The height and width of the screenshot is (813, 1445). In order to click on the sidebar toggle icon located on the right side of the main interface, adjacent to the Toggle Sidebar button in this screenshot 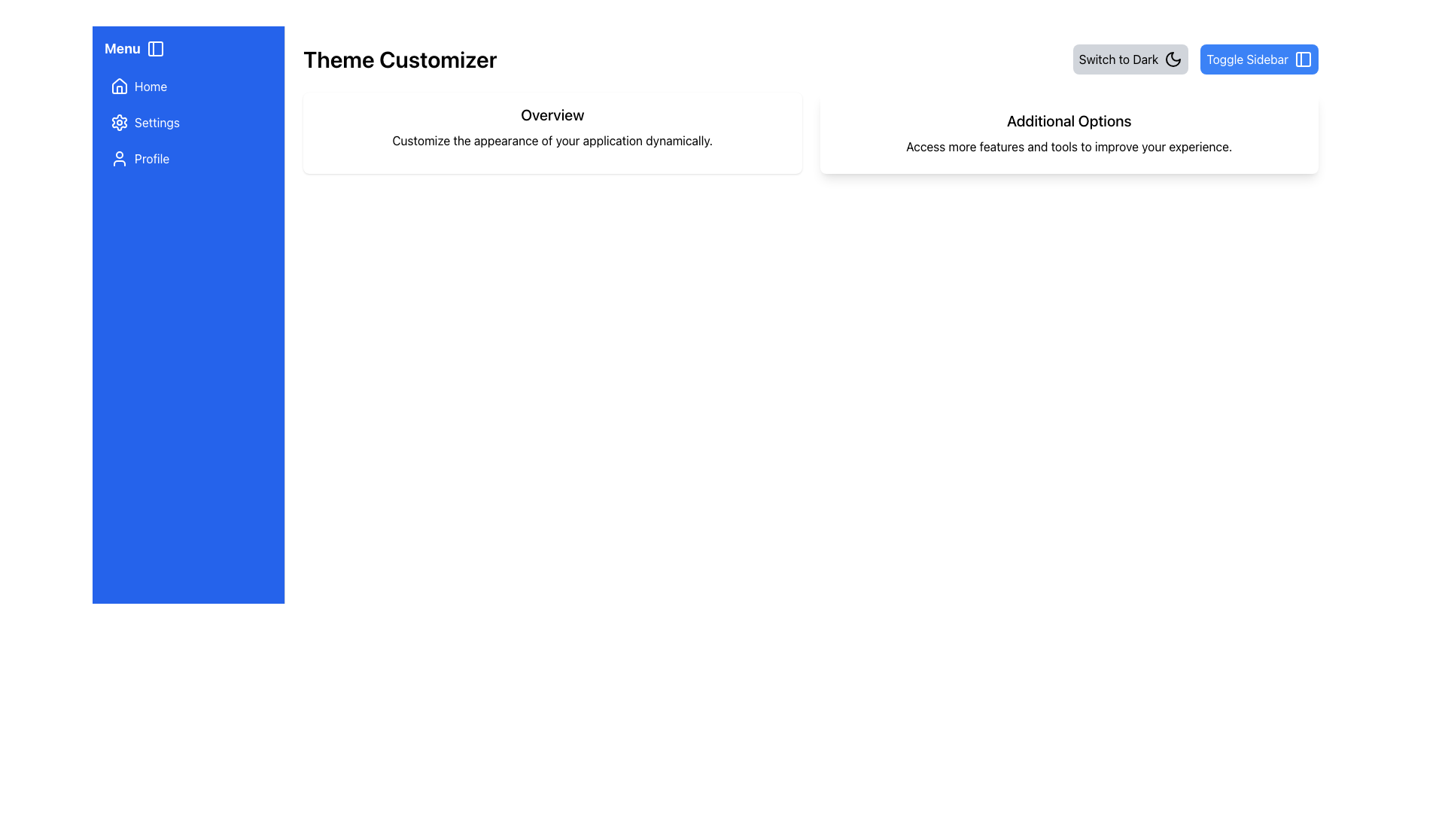, I will do `click(1303, 58)`.